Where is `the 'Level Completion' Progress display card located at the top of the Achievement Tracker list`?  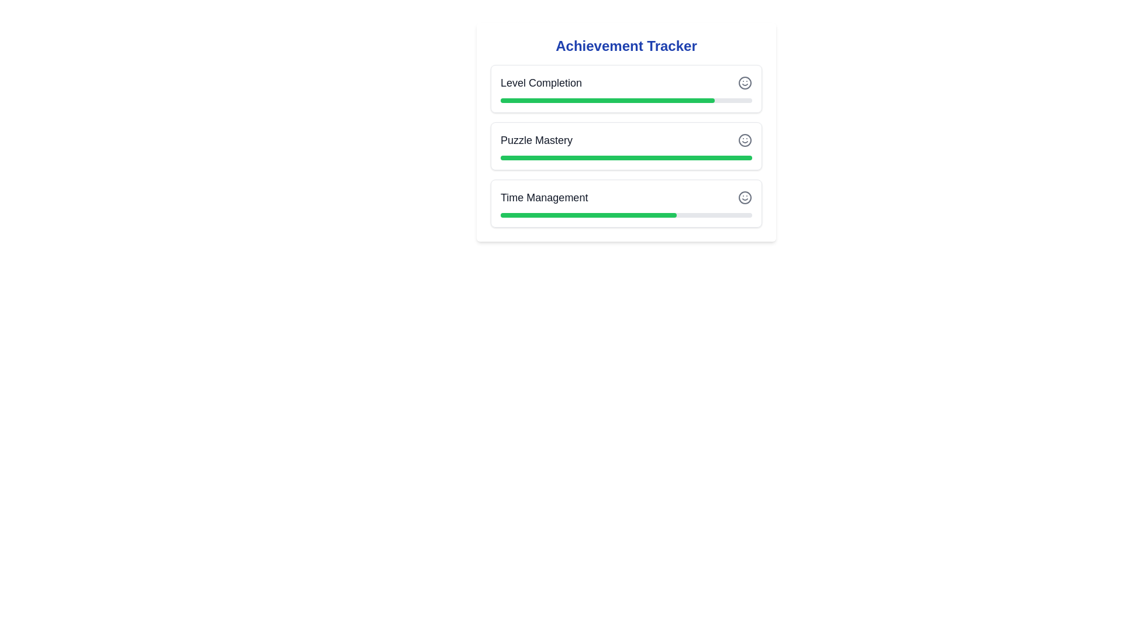
the 'Level Completion' Progress display card located at the top of the Achievement Tracker list is located at coordinates (625, 88).